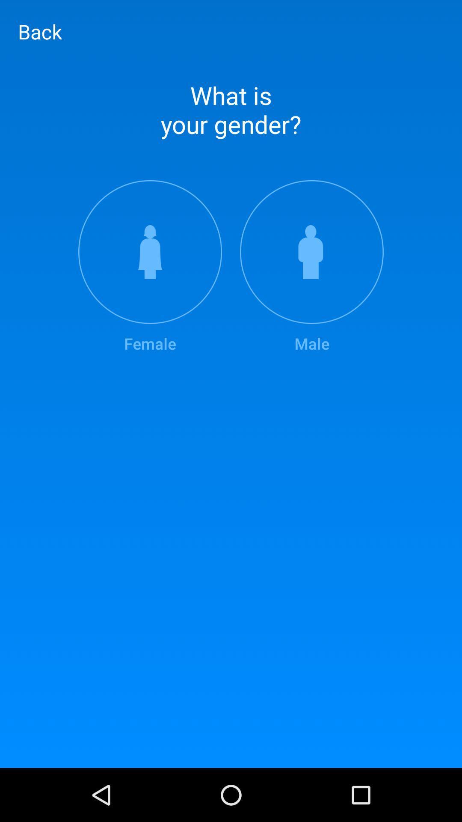  I want to click on the male icon, so click(312, 267).